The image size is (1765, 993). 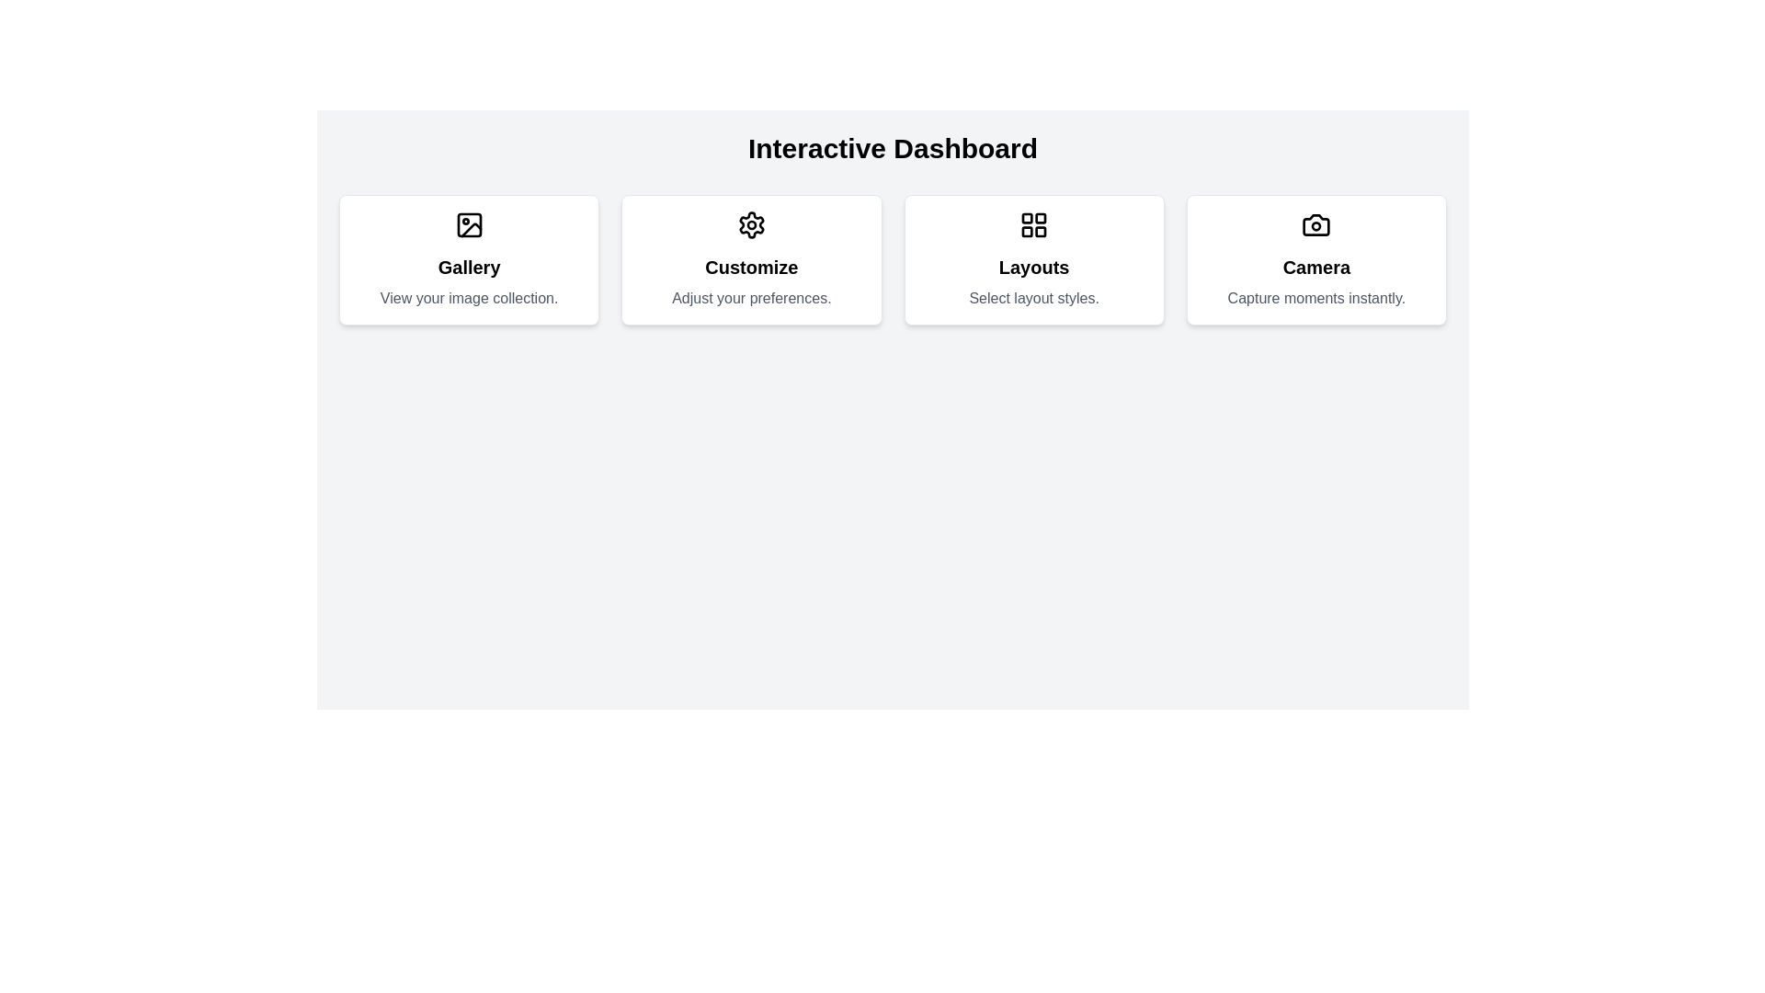 What do you see at coordinates (469, 297) in the screenshot?
I see `the static text label that describes the 'Gallery' card, which is positioned below the title 'Gallery' within the bordered card` at bounding box center [469, 297].